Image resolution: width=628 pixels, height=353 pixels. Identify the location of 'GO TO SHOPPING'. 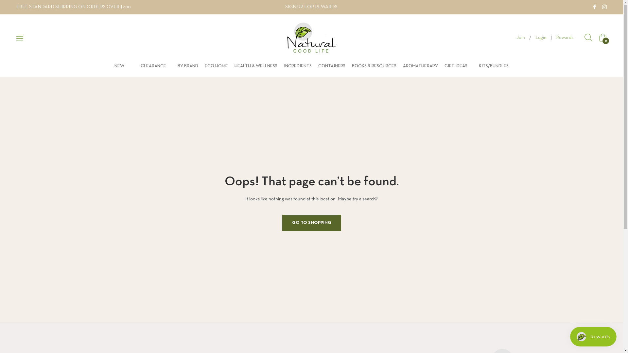
(311, 223).